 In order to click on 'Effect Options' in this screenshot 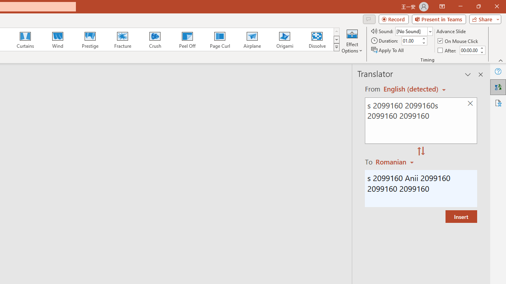, I will do `click(351, 41)`.